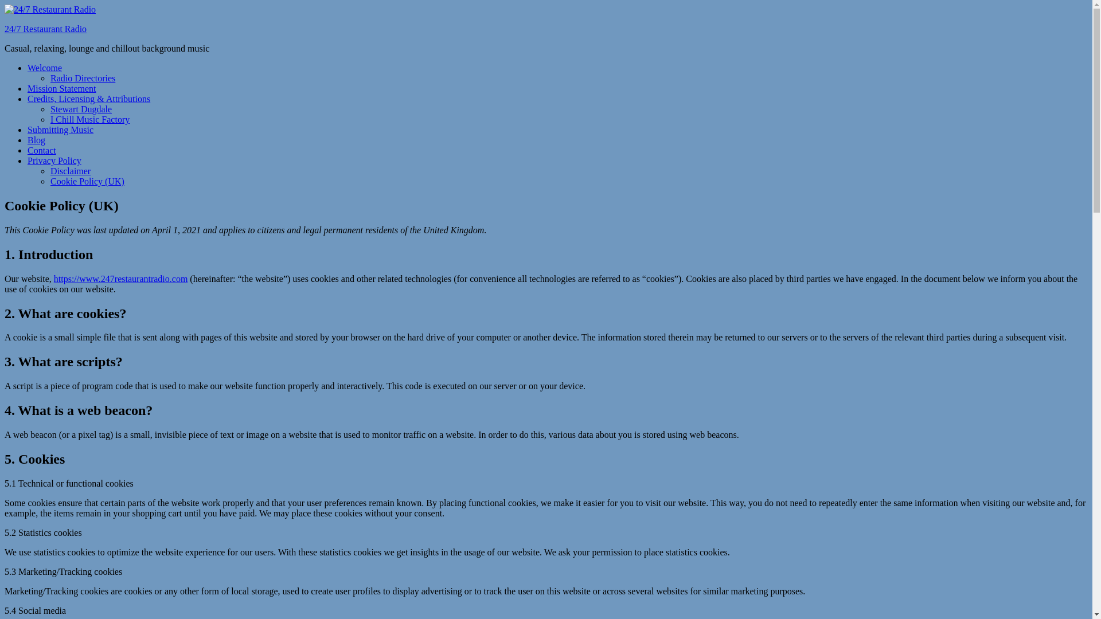 The height and width of the screenshot is (619, 1101). I want to click on 'Radio Directories', so click(49, 77).